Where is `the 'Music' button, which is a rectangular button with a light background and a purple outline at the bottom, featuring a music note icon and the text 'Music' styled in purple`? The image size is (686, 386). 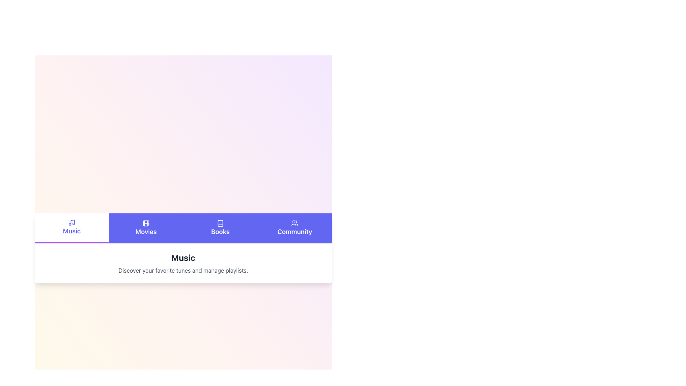 the 'Music' button, which is a rectangular button with a light background and a purple outline at the bottom, featuring a music note icon and the text 'Music' styled in purple is located at coordinates (72, 228).